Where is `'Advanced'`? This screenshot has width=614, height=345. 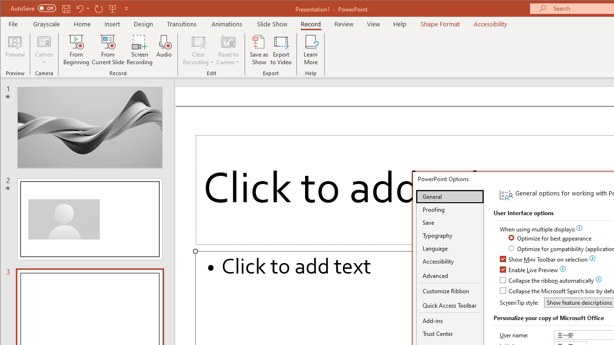 'Advanced' is located at coordinates (449, 276).